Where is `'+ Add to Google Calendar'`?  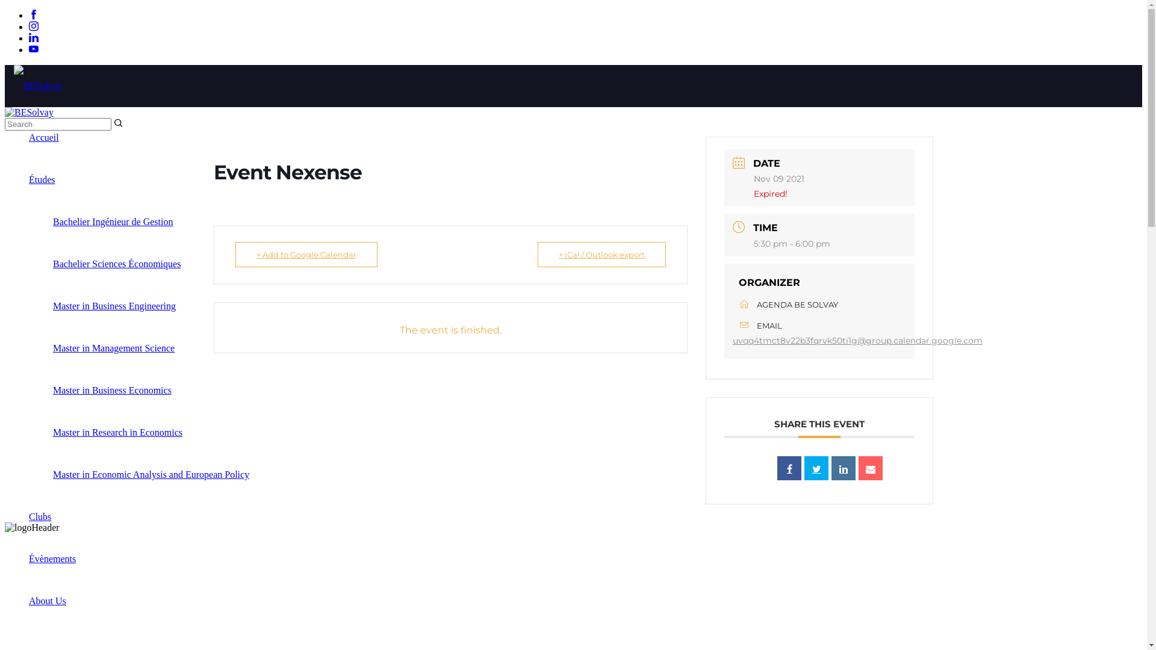
'+ Add to Google Calendar' is located at coordinates (306, 254).